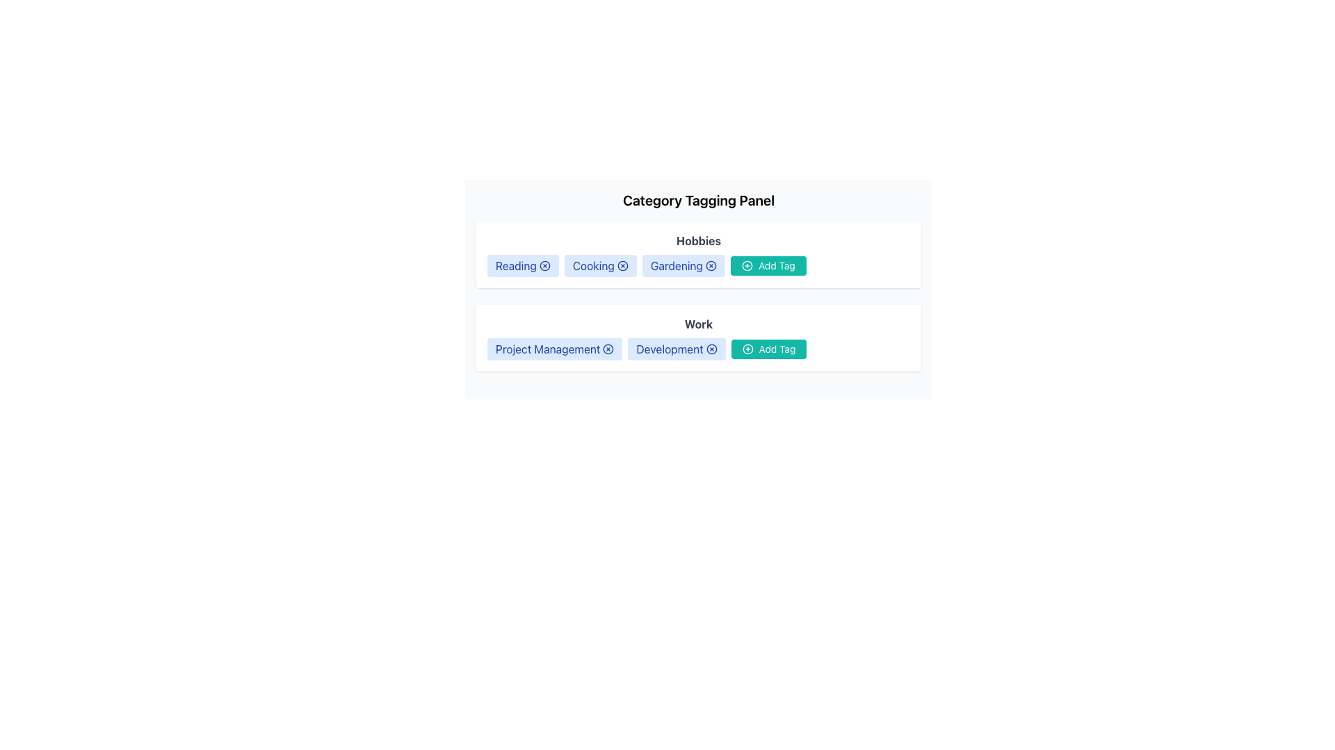 The image size is (1335, 750). I want to click on the circular green icon with a plus sign located to the right of the 'Gardening' tag in the 'Hobbies' section, so click(747, 265).